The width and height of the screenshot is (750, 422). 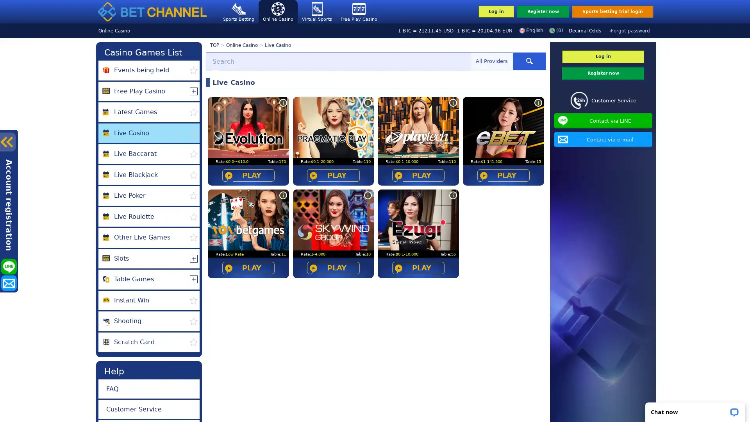 I want to click on PLAY, so click(x=333, y=268).